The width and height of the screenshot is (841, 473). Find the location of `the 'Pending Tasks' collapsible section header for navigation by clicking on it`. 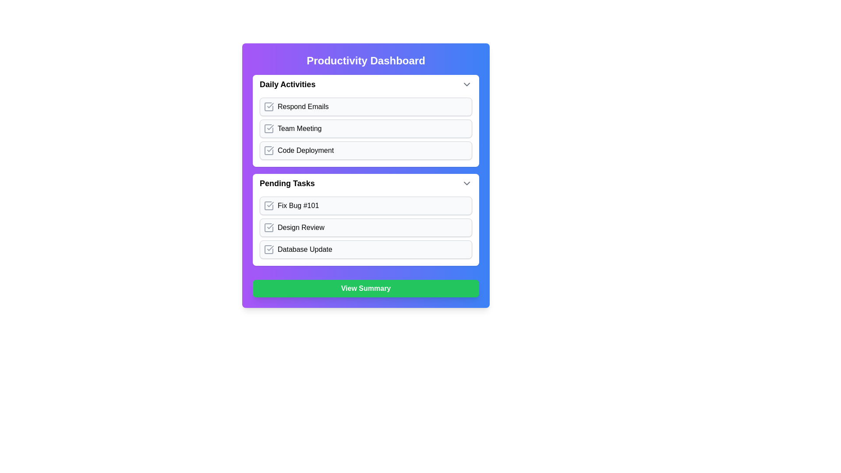

the 'Pending Tasks' collapsible section header for navigation by clicking on it is located at coordinates (366, 183).